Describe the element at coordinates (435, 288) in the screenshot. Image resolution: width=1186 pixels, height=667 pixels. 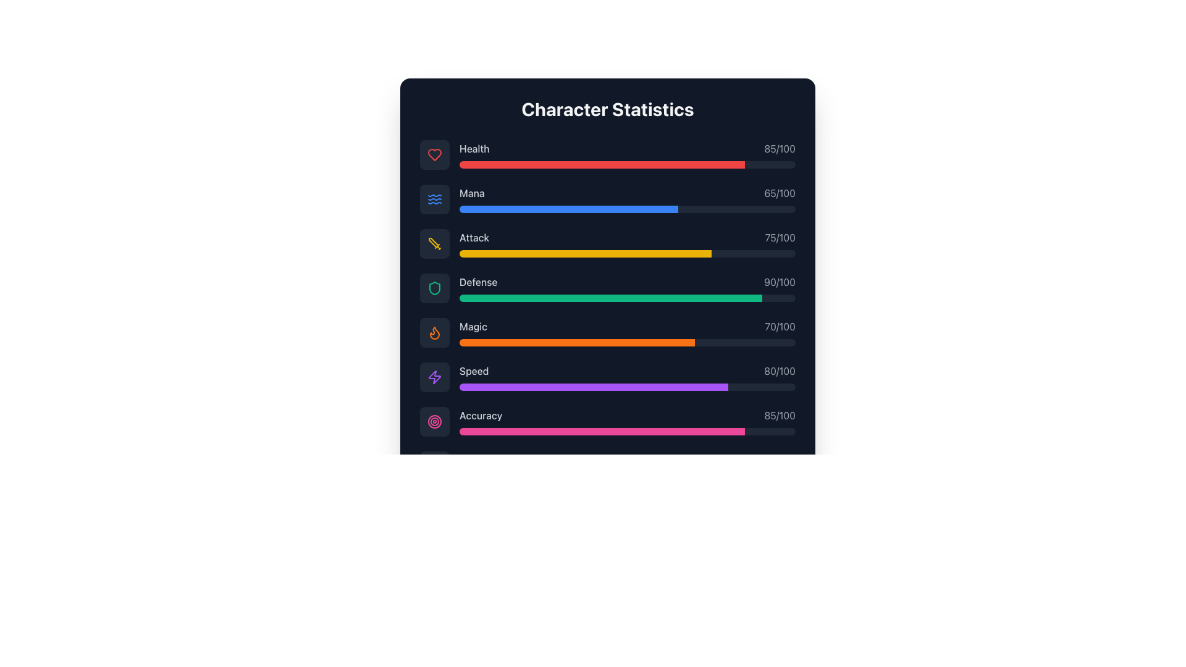
I see `the 'Defense' graphic icon in the 'Character Statistics' list, which visually represents the Defense attribute` at that location.